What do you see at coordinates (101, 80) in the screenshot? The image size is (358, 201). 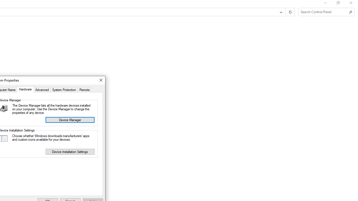 I see `'Close'` at bounding box center [101, 80].